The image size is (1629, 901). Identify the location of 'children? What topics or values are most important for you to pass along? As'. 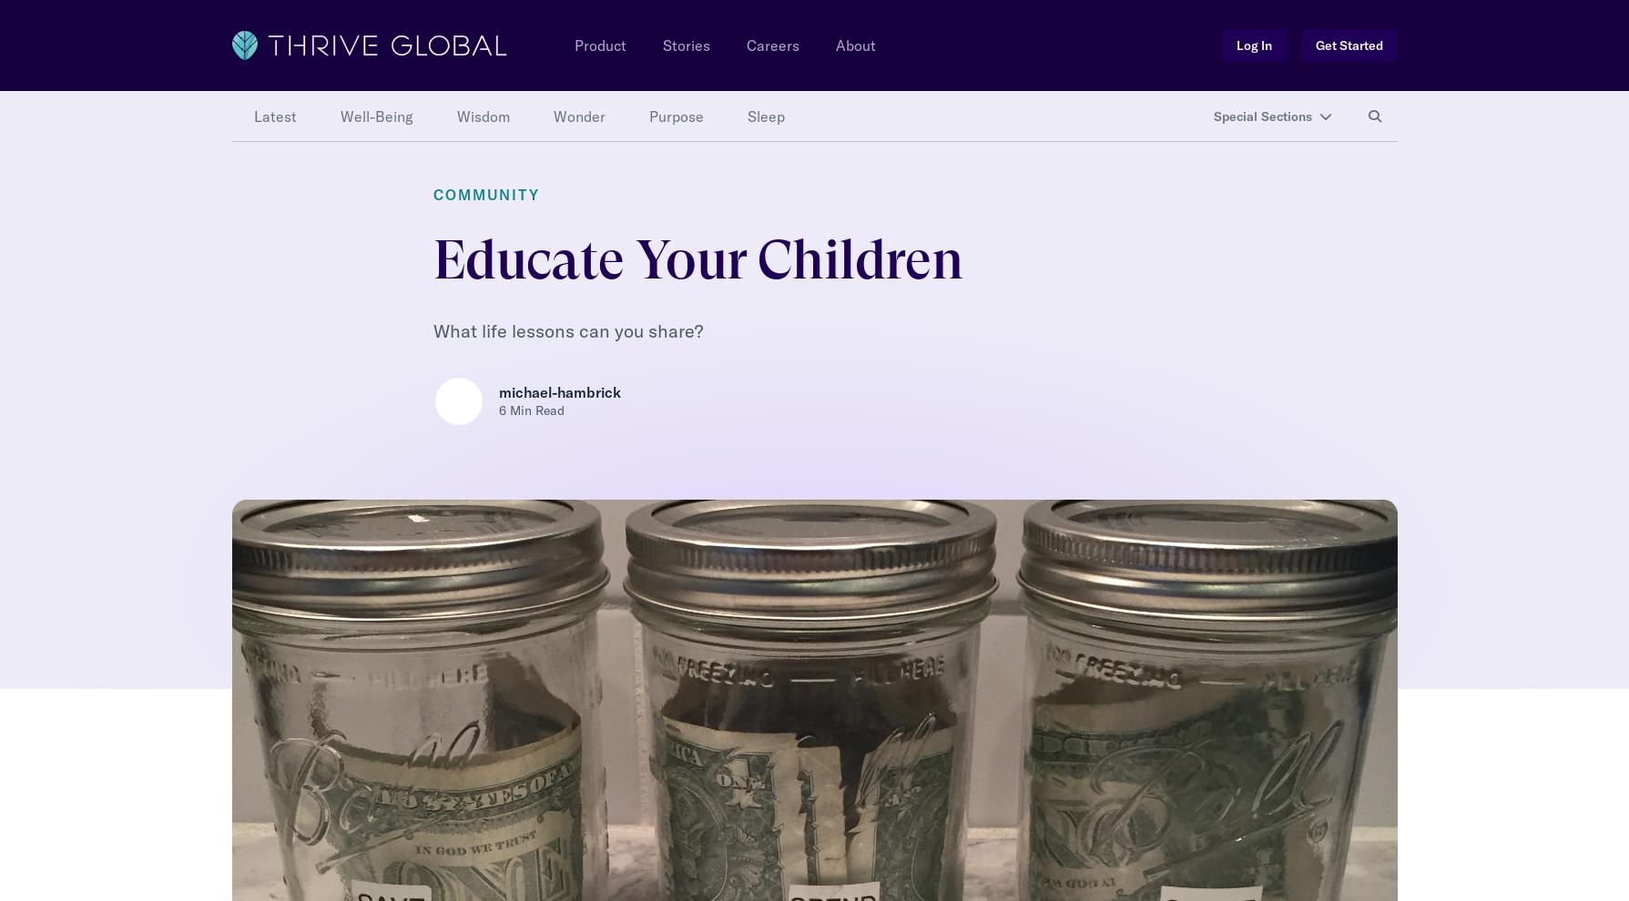
(431, 796).